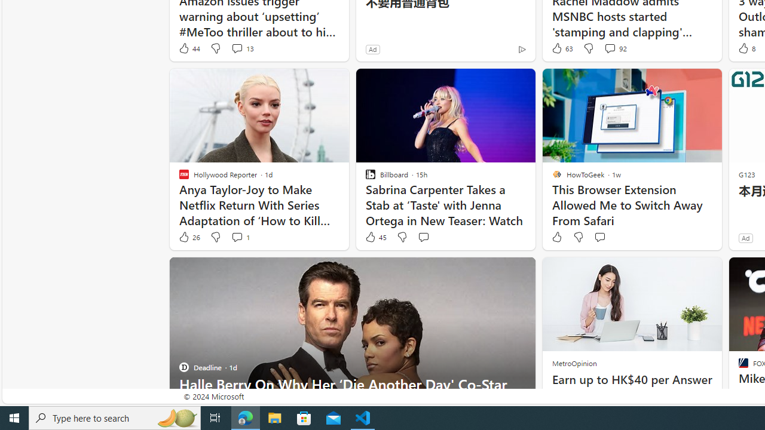  I want to click on '63 Like', so click(561, 48).